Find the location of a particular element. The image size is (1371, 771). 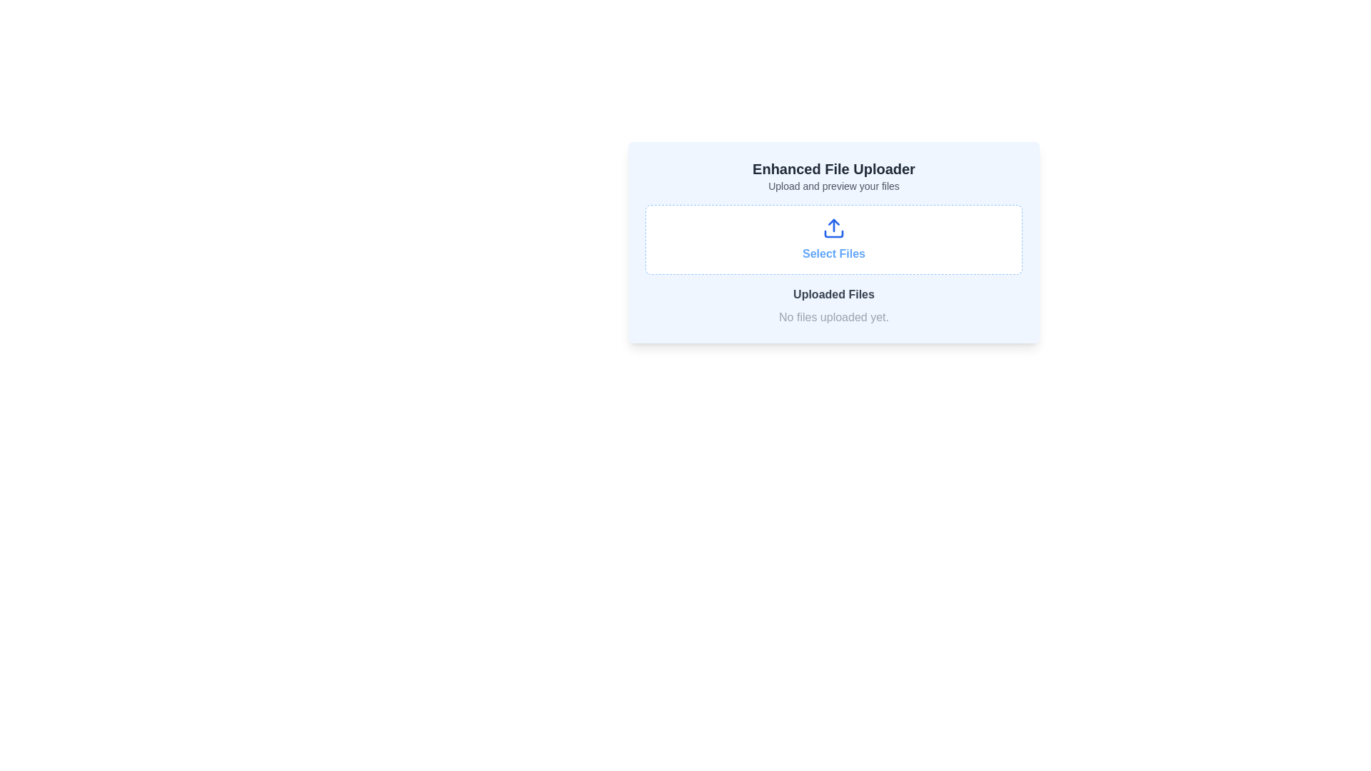

the rectangular graphical element located at the bottom of the upload icon, which emphasizes the file uploading action is located at coordinates (833, 233).